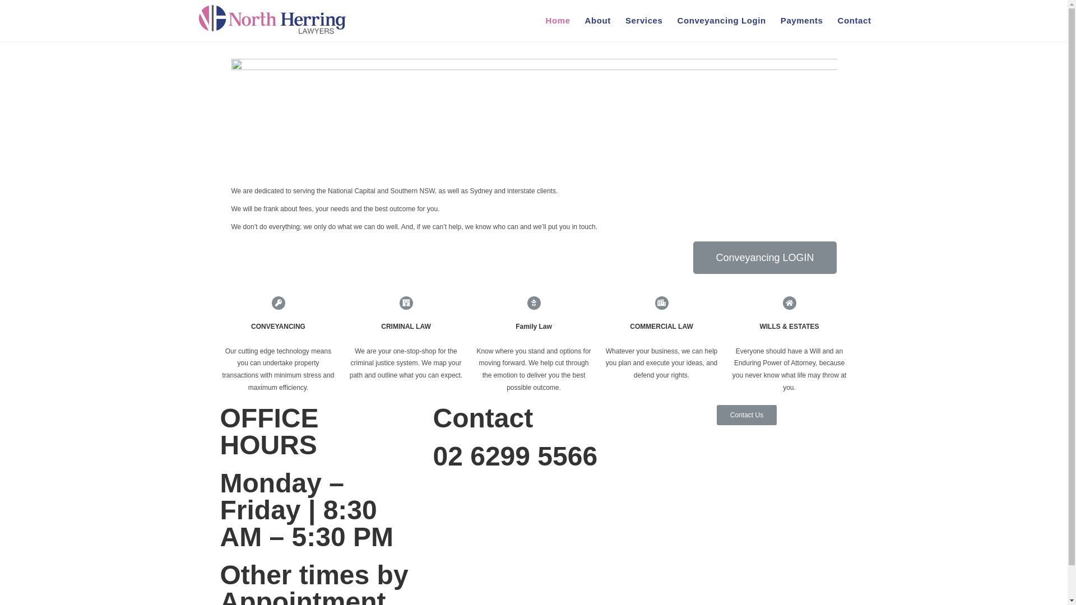 This screenshot has width=1076, height=605. Describe the element at coordinates (721, 21) in the screenshot. I see `'Conveyancing Login'` at that location.